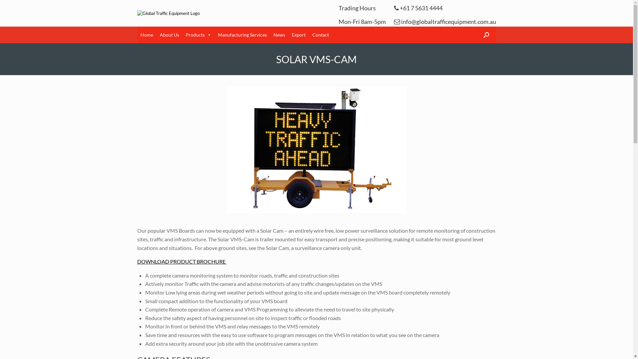 The width and height of the screenshot is (638, 359). Describe the element at coordinates (168, 13) in the screenshot. I see `'Global Traffic Equipment'` at that location.